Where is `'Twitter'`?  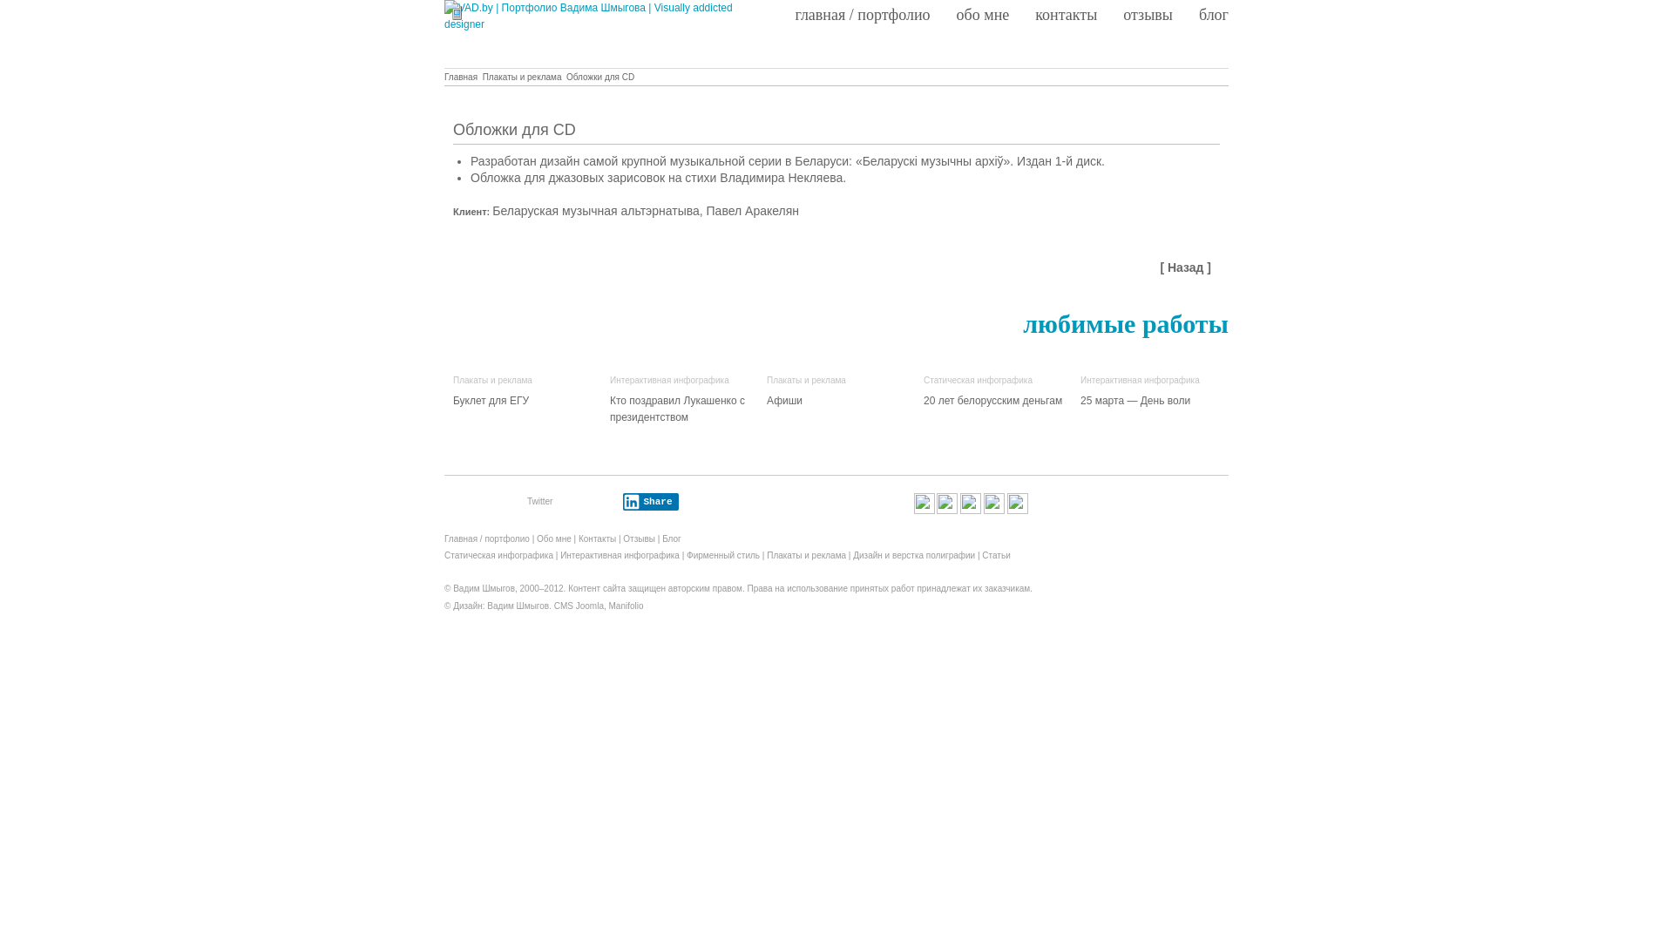 'Twitter' is located at coordinates (538, 501).